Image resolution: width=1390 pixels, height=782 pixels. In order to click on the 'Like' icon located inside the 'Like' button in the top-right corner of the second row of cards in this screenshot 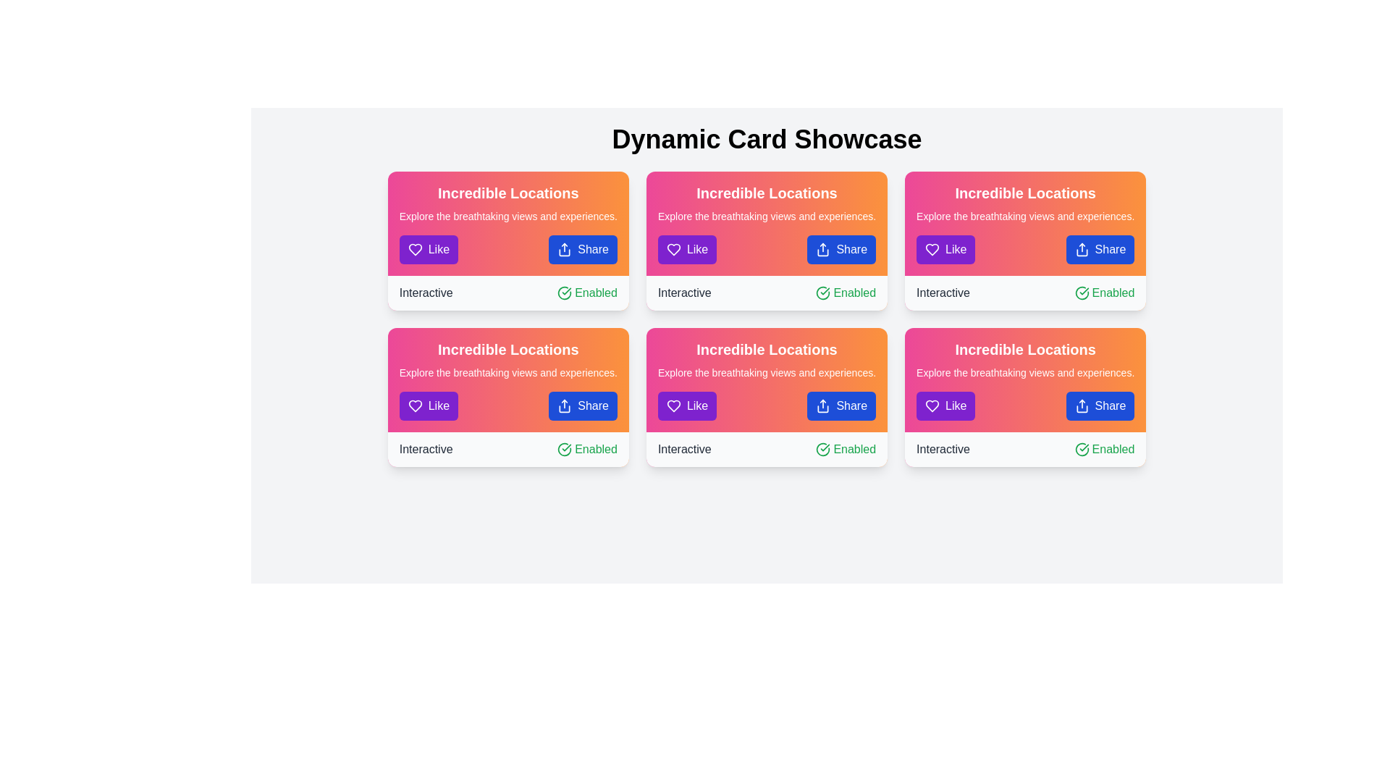, I will do `click(414, 248)`.